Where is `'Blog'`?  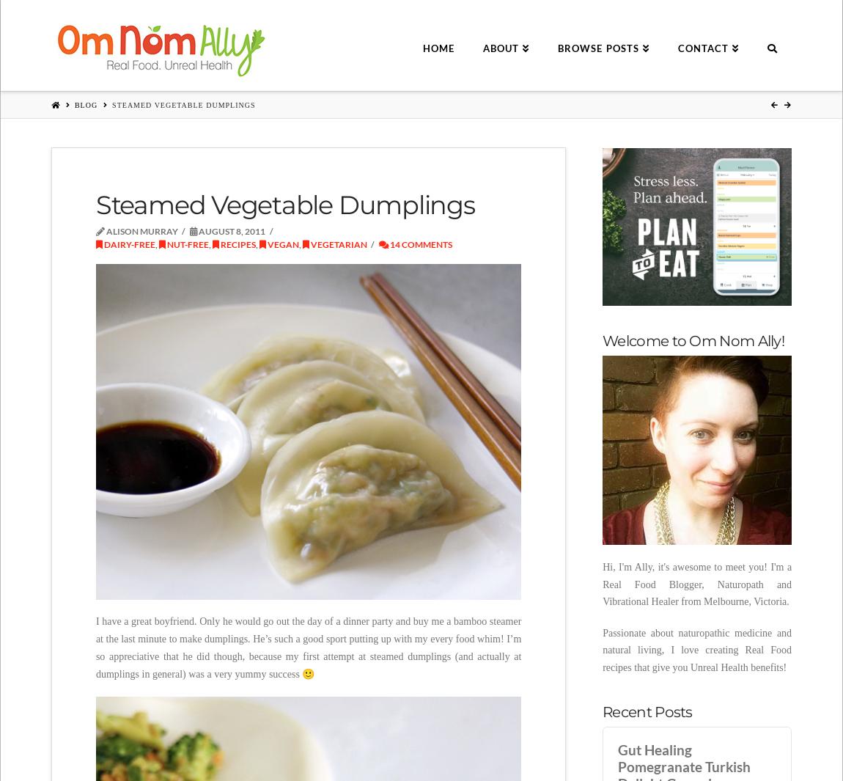
'Blog' is located at coordinates (73, 103).